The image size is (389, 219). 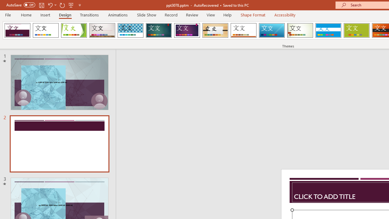 I want to click on 'Ion Boardroom', so click(x=187, y=30).